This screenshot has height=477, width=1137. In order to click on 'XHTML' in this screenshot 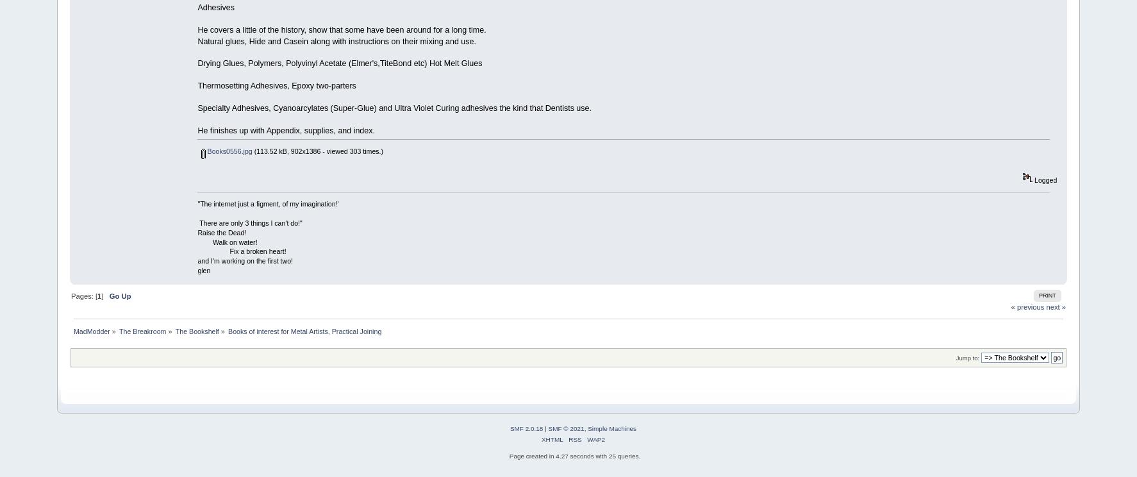, I will do `click(551, 439)`.